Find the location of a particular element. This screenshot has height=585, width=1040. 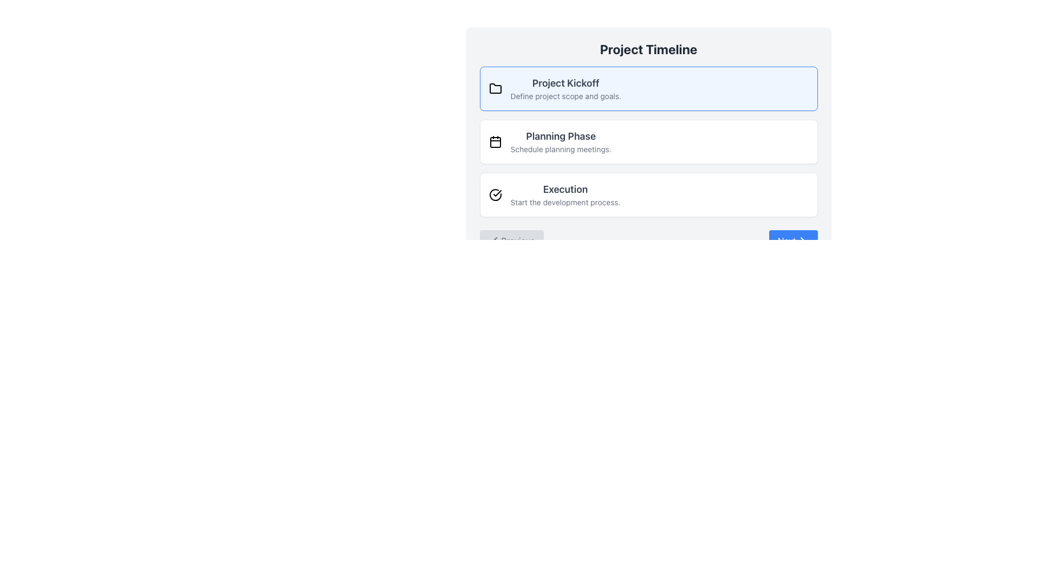

the 'Planning Phase' card, which is the second item in a vertical list of three cards, positioned below the 'Project Kickoff' card and above the 'Execution' card is located at coordinates (648, 141).